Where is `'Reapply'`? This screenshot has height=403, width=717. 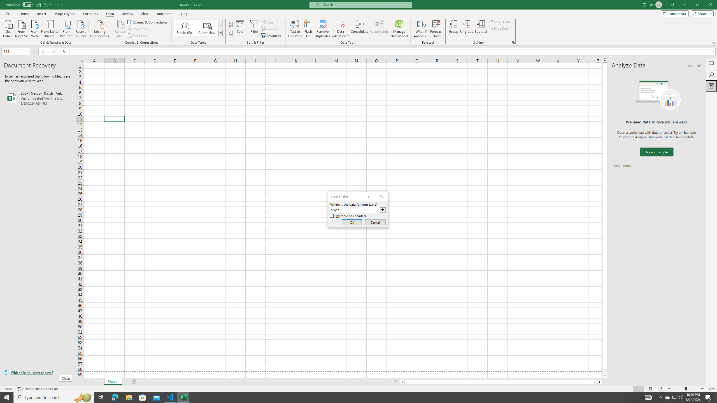 'Reapply' is located at coordinates (270, 29).